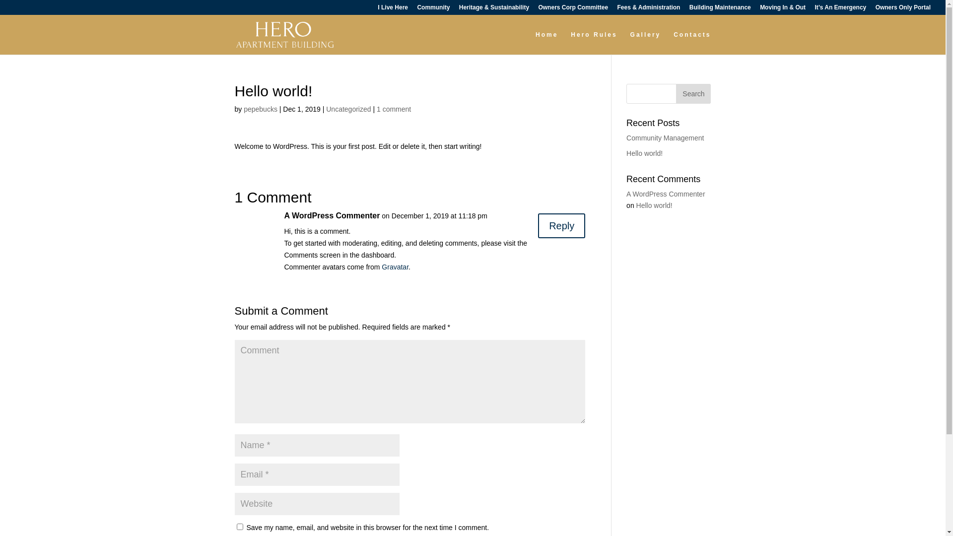 The width and height of the screenshot is (953, 536). I want to click on 'pepebucks', so click(260, 109).